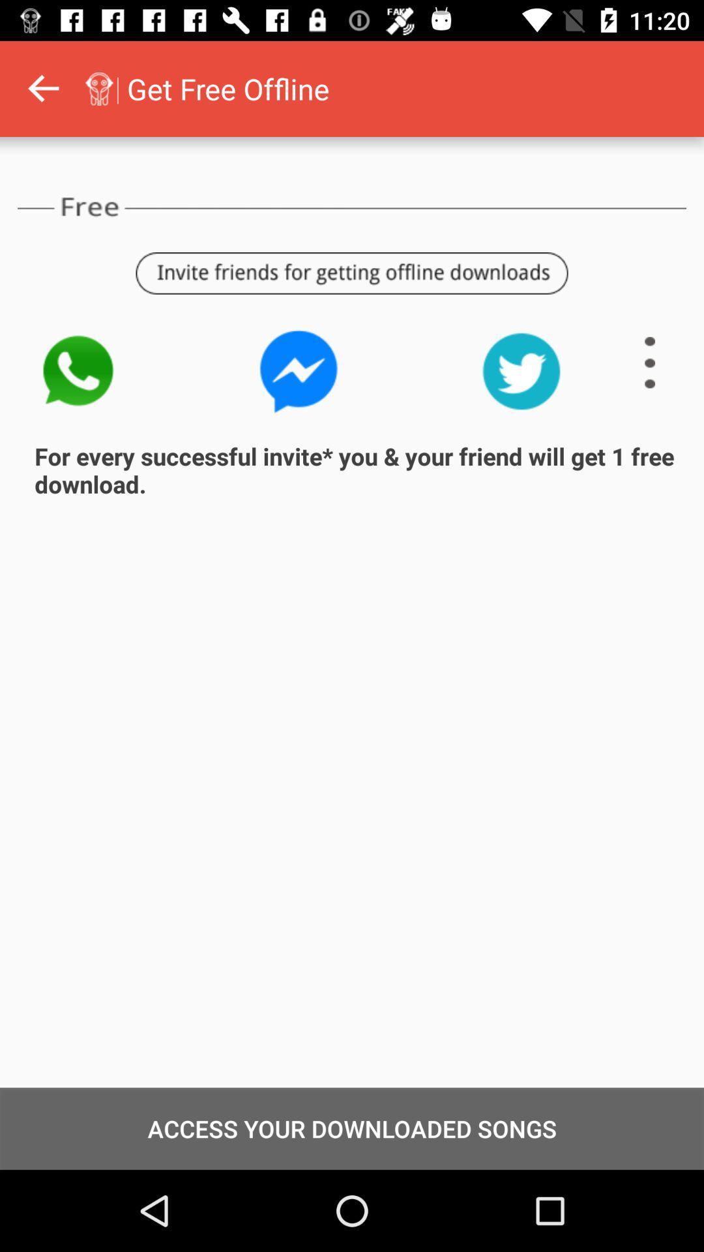  I want to click on menu button, so click(650, 363).